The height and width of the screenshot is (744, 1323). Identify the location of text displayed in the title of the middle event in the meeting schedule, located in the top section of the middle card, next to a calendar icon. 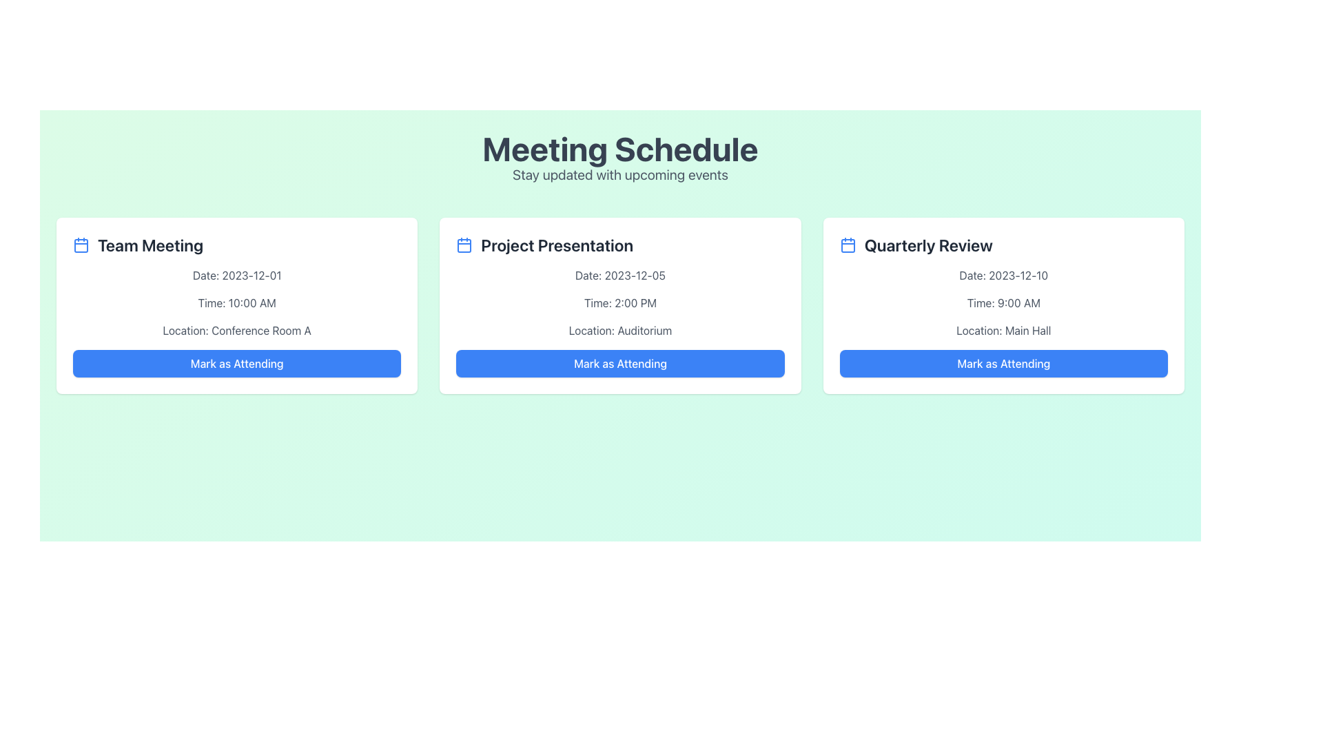
(557, 244).